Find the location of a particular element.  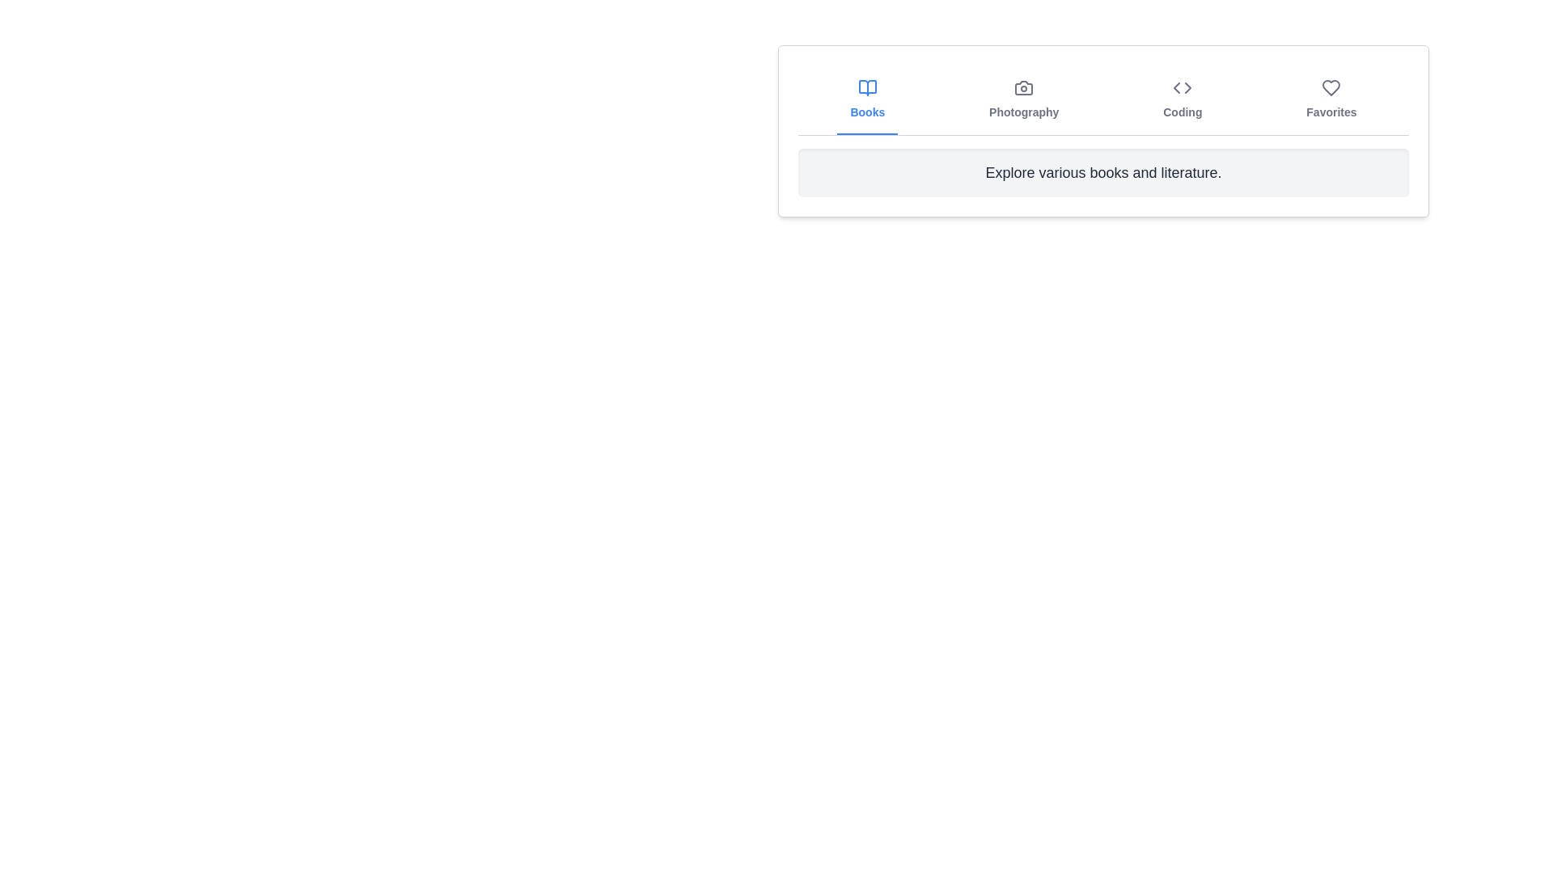

text content of the 'Books' label, which is a blue, bold, sans-serif text located in the top navigation bar of the interface, directly below an open book icon is located at coordinates (866, 111).